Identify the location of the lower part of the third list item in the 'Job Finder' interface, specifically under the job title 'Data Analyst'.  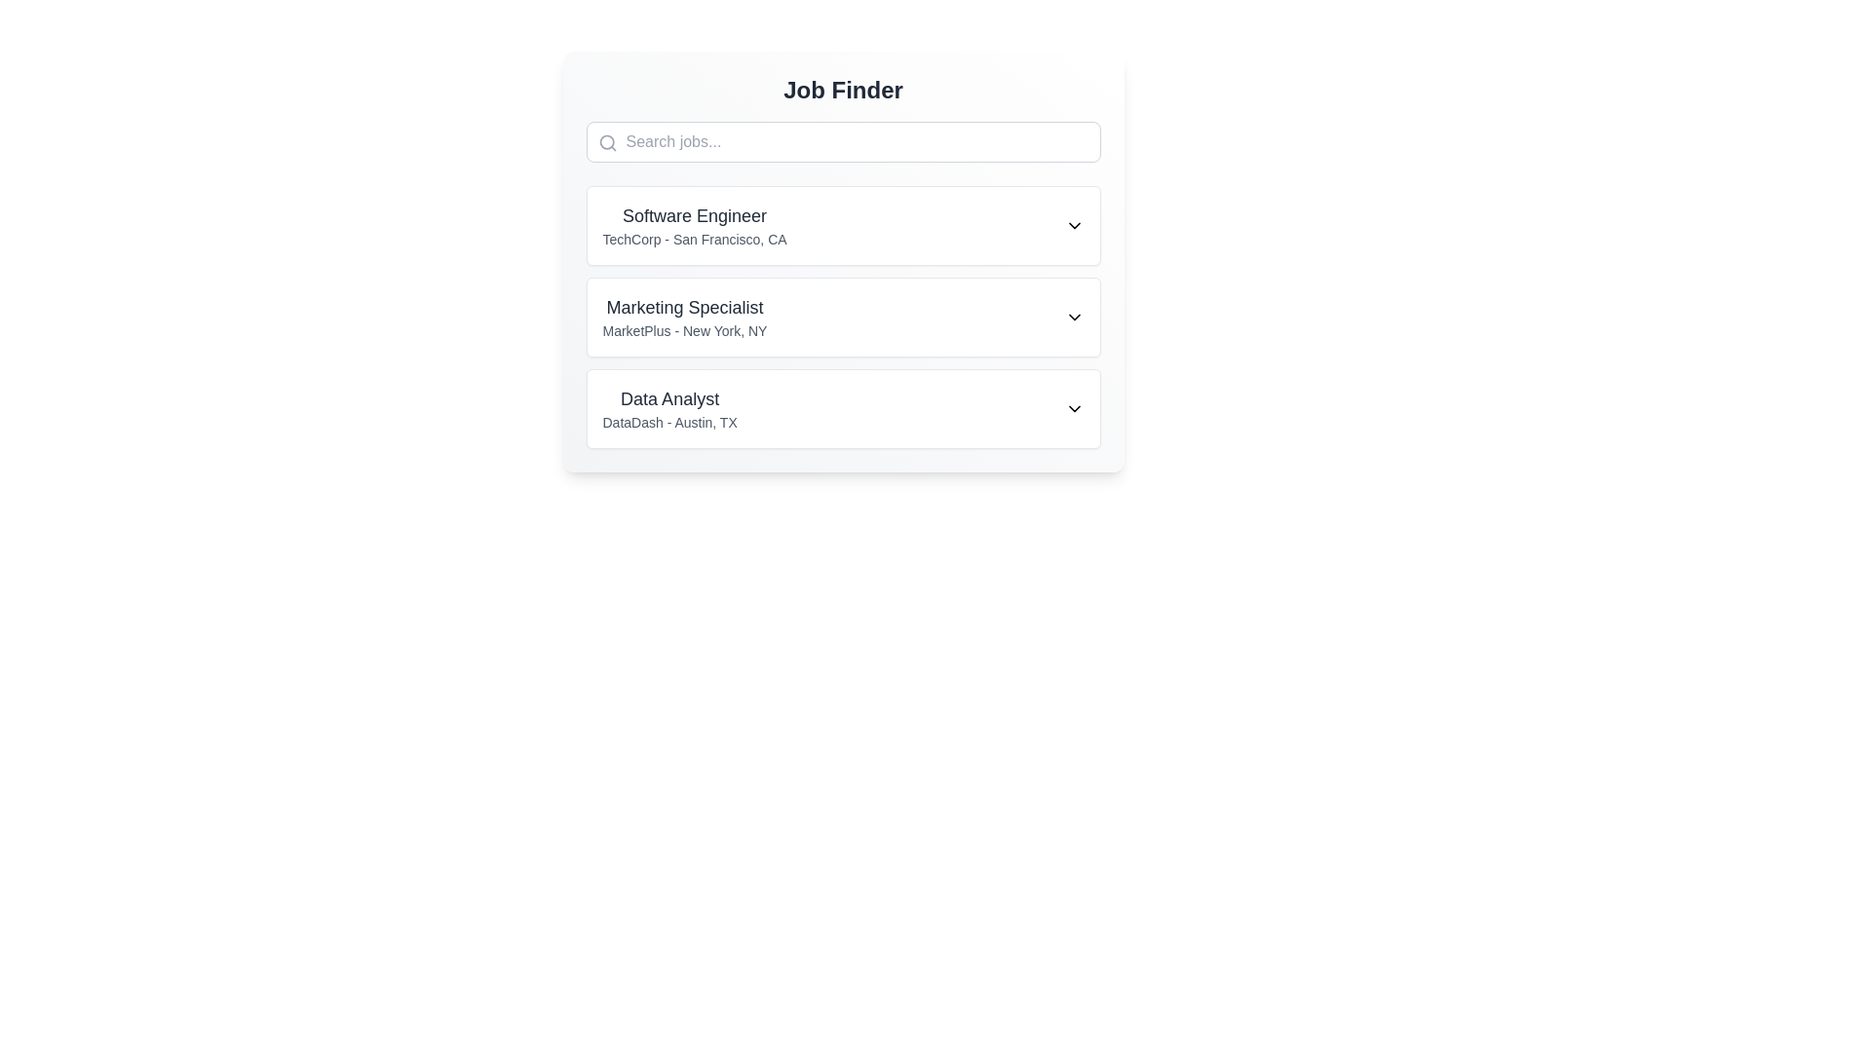
(669, 408).